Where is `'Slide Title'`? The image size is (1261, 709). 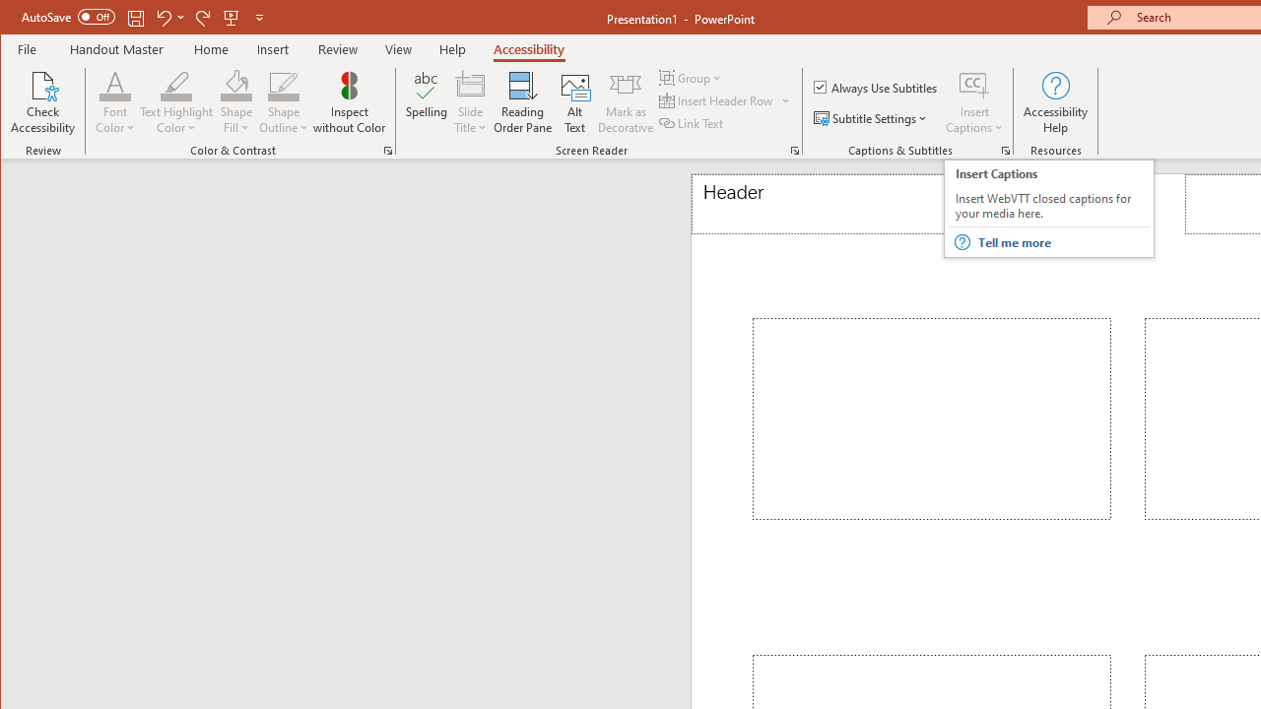 'Slide Title' is located at coordinates (470, 102).